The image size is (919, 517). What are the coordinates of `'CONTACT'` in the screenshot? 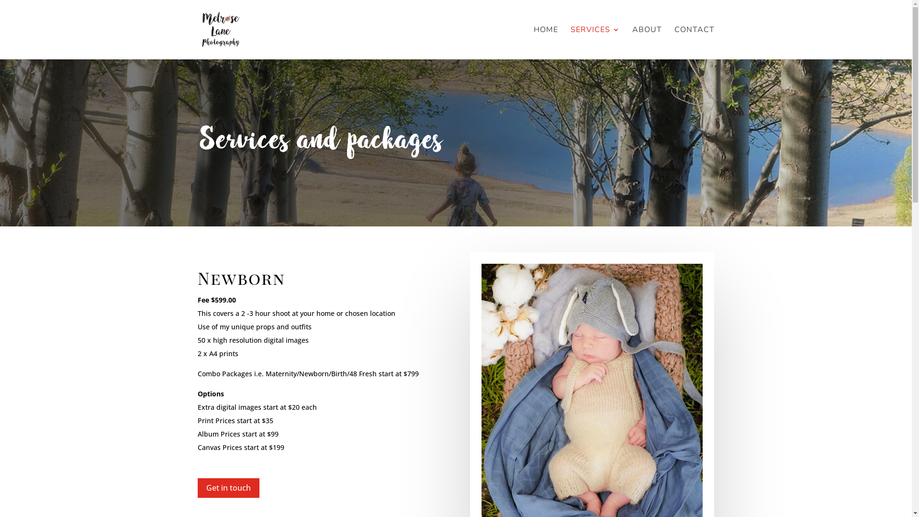 It's located at (673, 42).